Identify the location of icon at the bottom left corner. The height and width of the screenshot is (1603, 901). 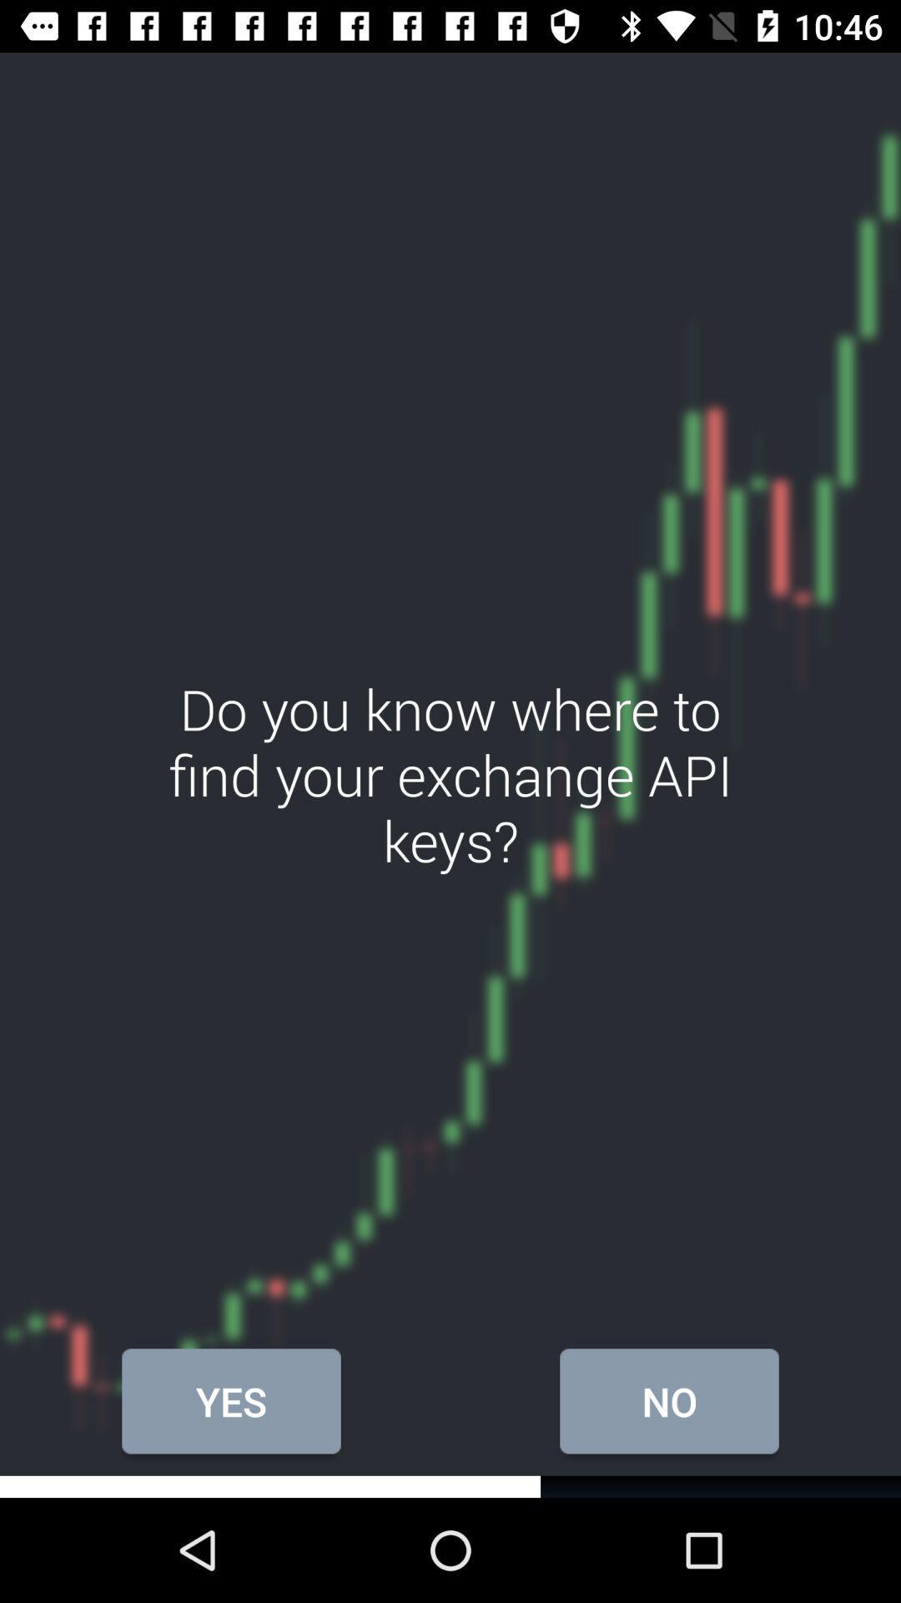
(231, 1401).